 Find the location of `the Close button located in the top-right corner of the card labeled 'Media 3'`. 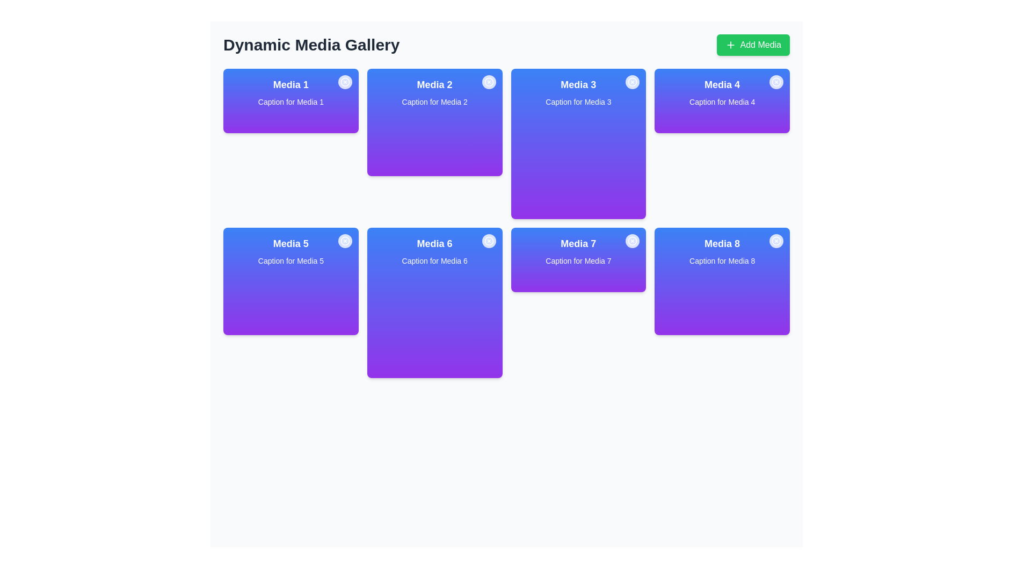

the Close button located in the top-right corner of the card labeled 'Media 3' is located at coordinates (633, 82).